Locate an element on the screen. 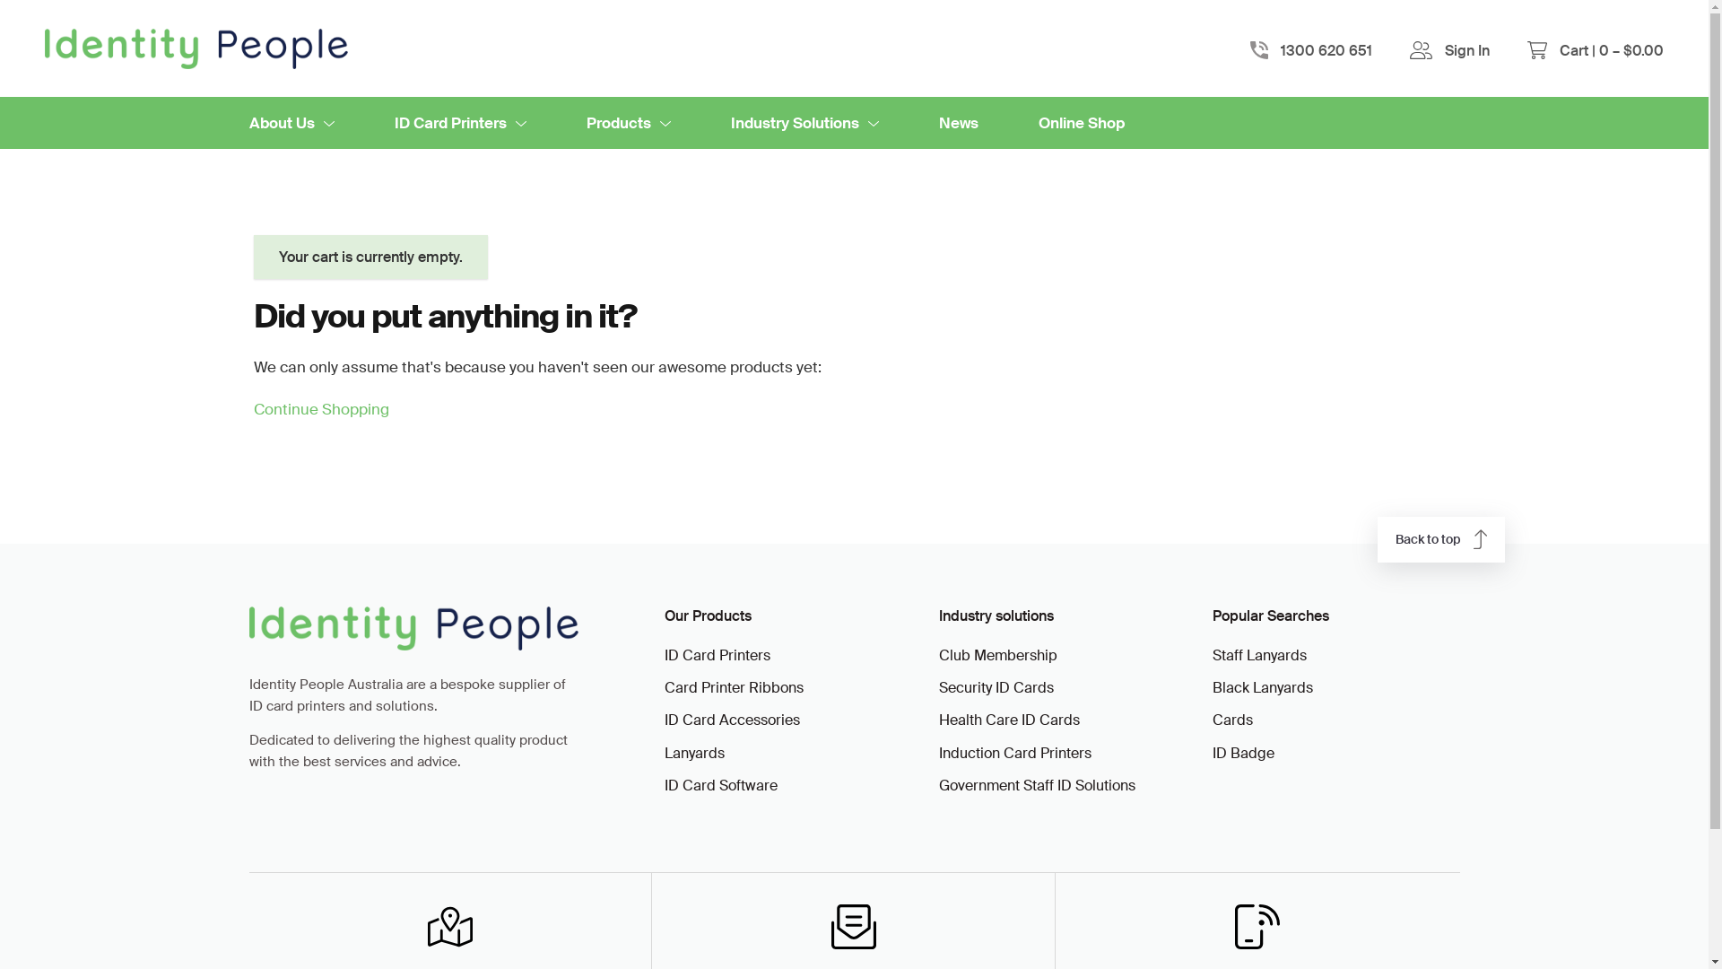 This screenshot has height=969, width=1722. 'Sign In' is located at coordinates (1467, 49).